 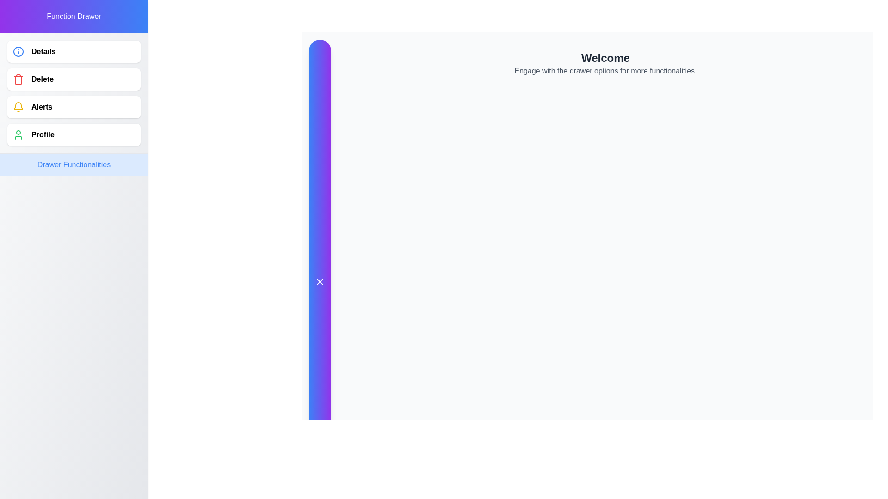 What do you see at coordinates (42, 79) in the screenshot?
I see `the 'Delete' text label in the sidebar menu to activate any hover effects` at bounding box center [42, 79].